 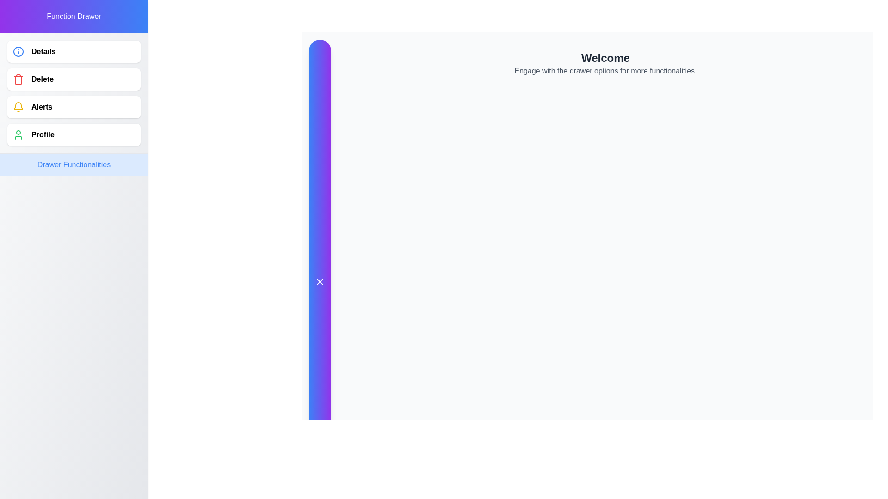 What do you see at coordinates (42, 79) in the screenshot?
I see `the 'Delete' text label in the sidebar menu to activate any hover effects` at bounding box center [42, 79].